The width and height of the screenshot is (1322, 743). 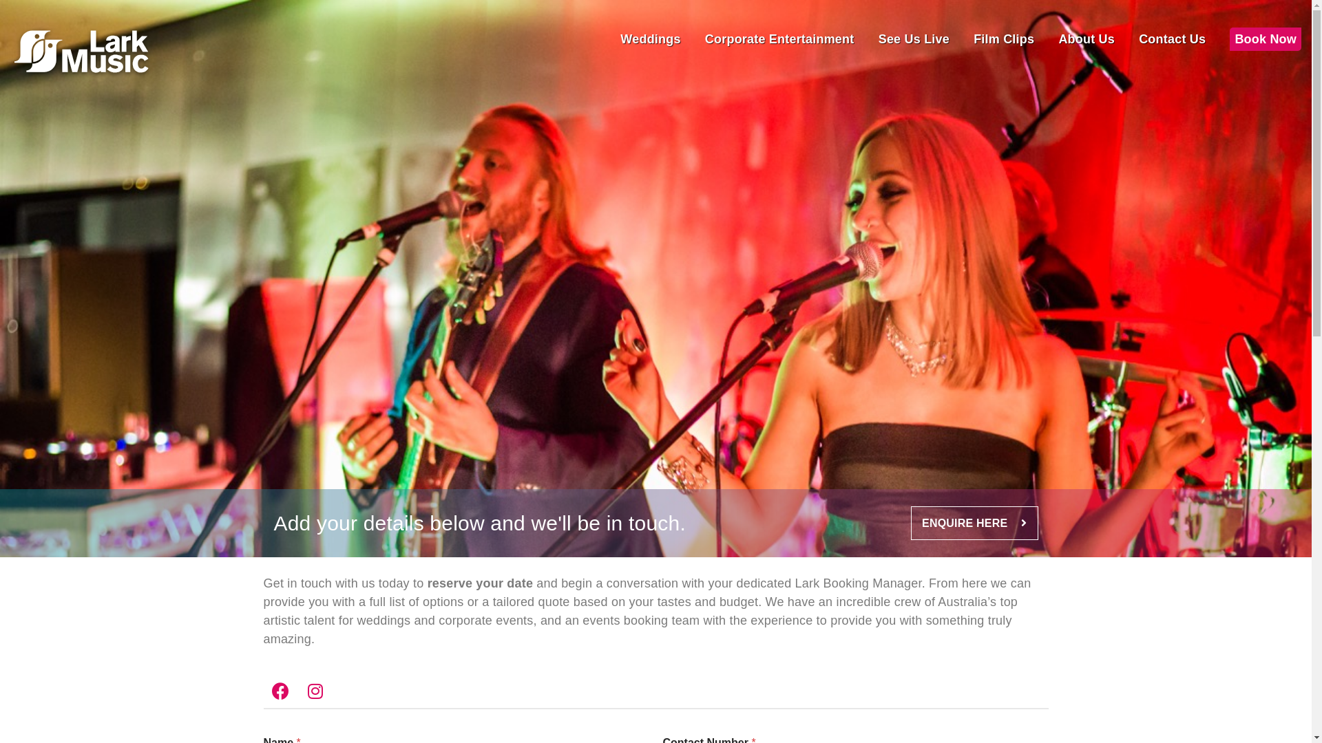 I want to click on 'Film Clips', so click(x=973, y=39).